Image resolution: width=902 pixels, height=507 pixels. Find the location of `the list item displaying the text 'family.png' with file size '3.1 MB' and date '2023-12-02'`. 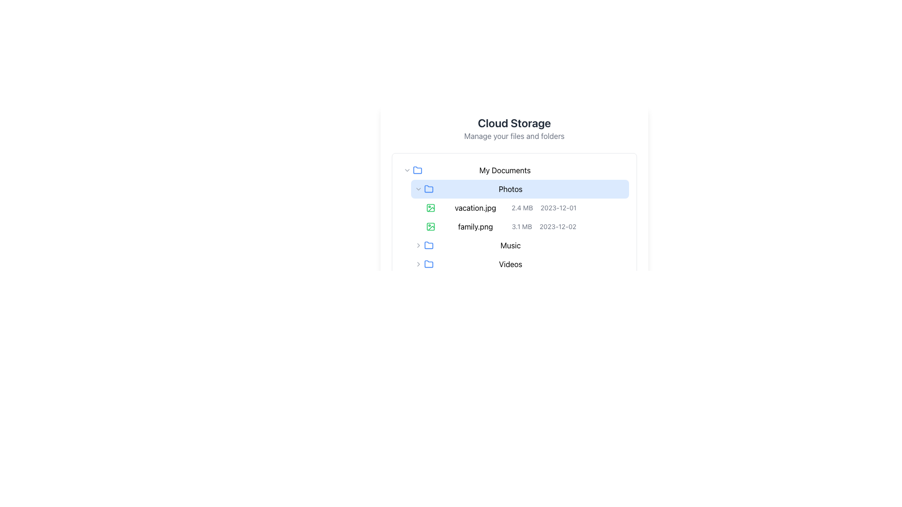

the list item displaying the text 'family.png' with file size '3.1 MB' and date '2023-12-02' is located at coordinates (513, 226).